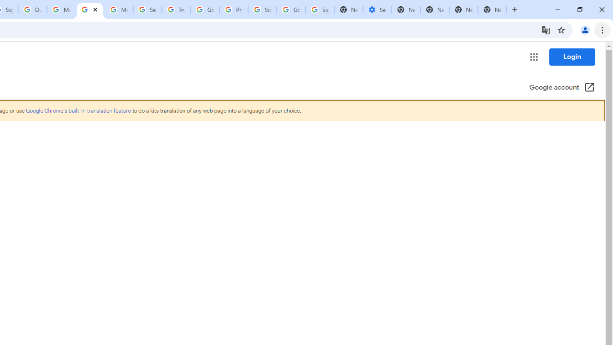  I want to click on 'Sign in - Google Accounts', so click(262, 10).